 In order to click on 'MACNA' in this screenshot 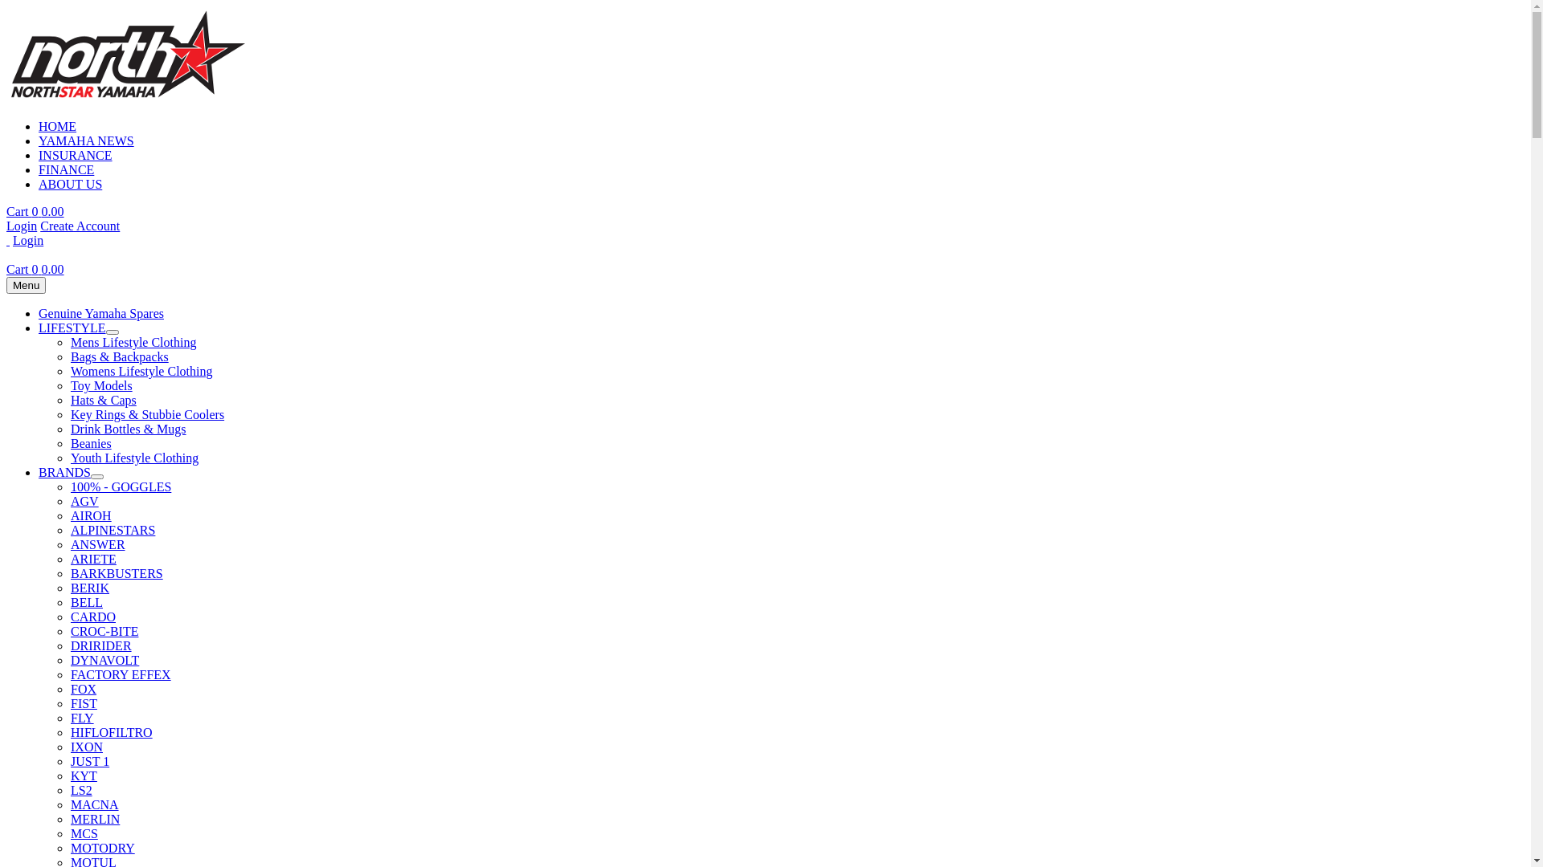, I will do `click(94, 804)`.